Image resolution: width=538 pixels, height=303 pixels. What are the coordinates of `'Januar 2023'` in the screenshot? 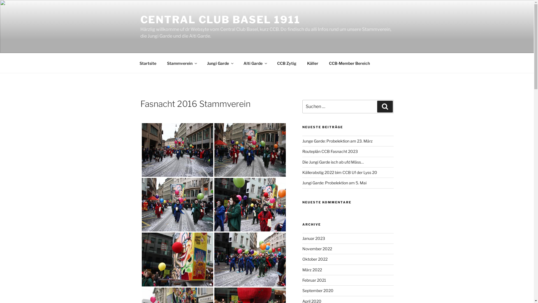 It's located at (313, 238).